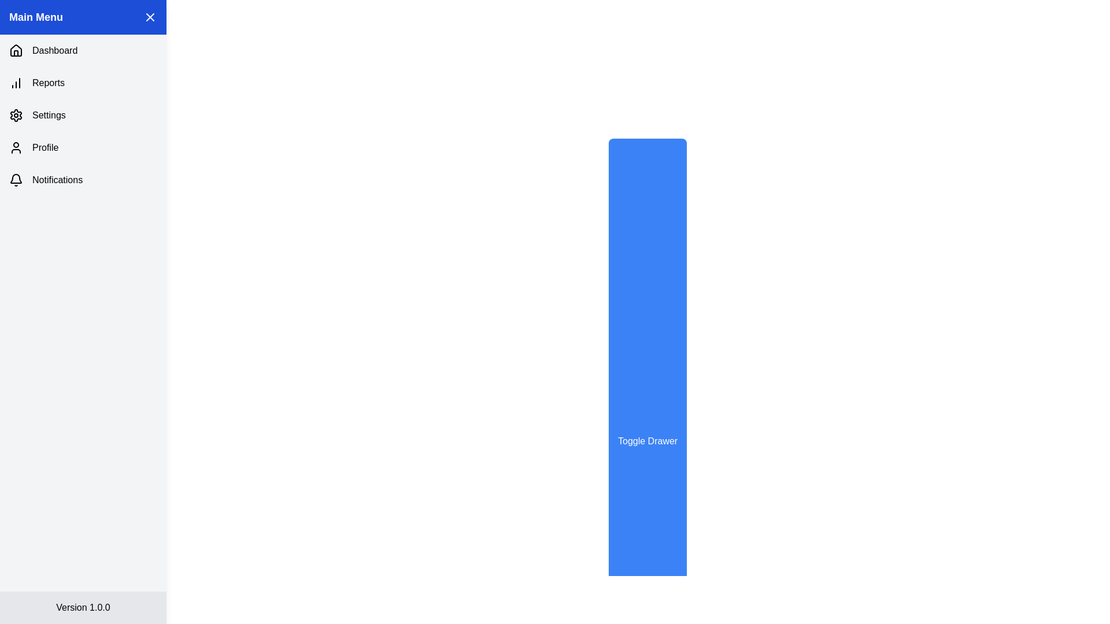 This screenshot has width=1110, height=624. I want to click on the notification icon located next to the 'Notifications' text in the vertical sidebar menu, which serves as an indicator for notification functionalities, so click(16, 180).